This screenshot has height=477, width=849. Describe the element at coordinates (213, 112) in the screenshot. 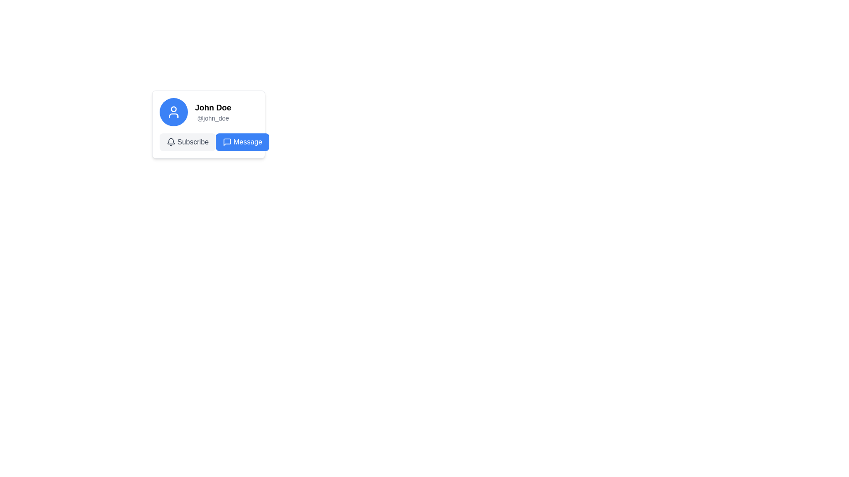

I see `text content from the Text Display in the user profile card, which shows the user's name and username, located to the right of the user avatar icon` at that location.